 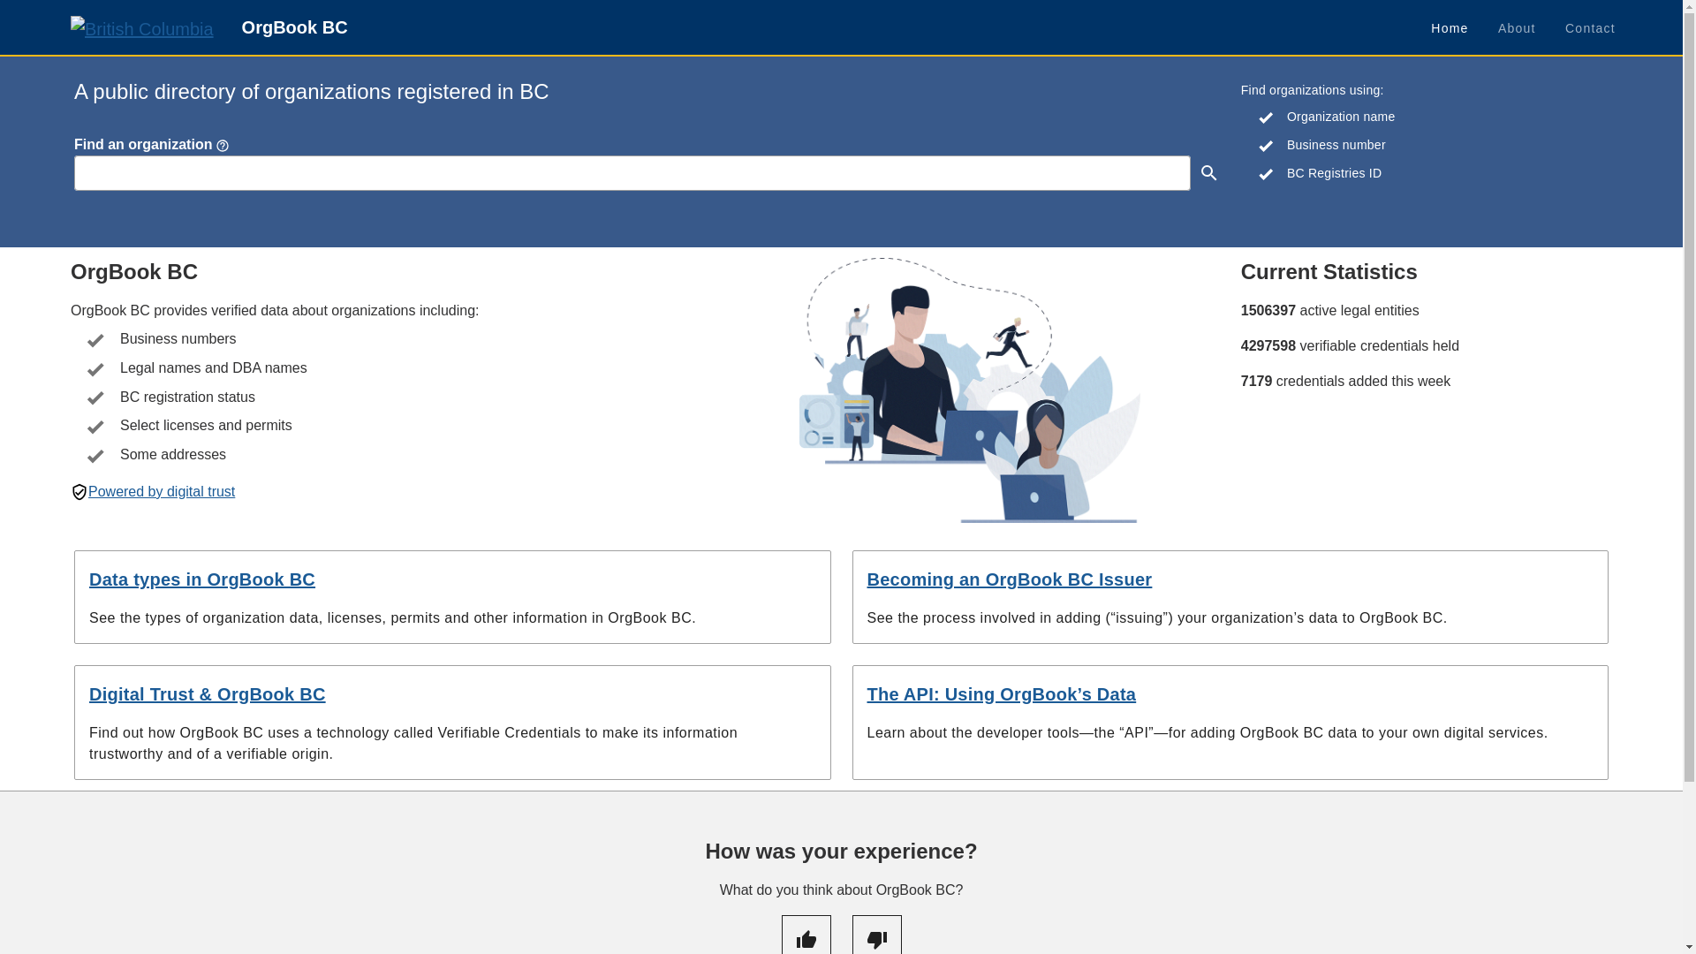 What do you see at coordinates (202, 579) in the screenshot?
I see `'Data types in OrgBook BC'` at bounding box center [202, 579].